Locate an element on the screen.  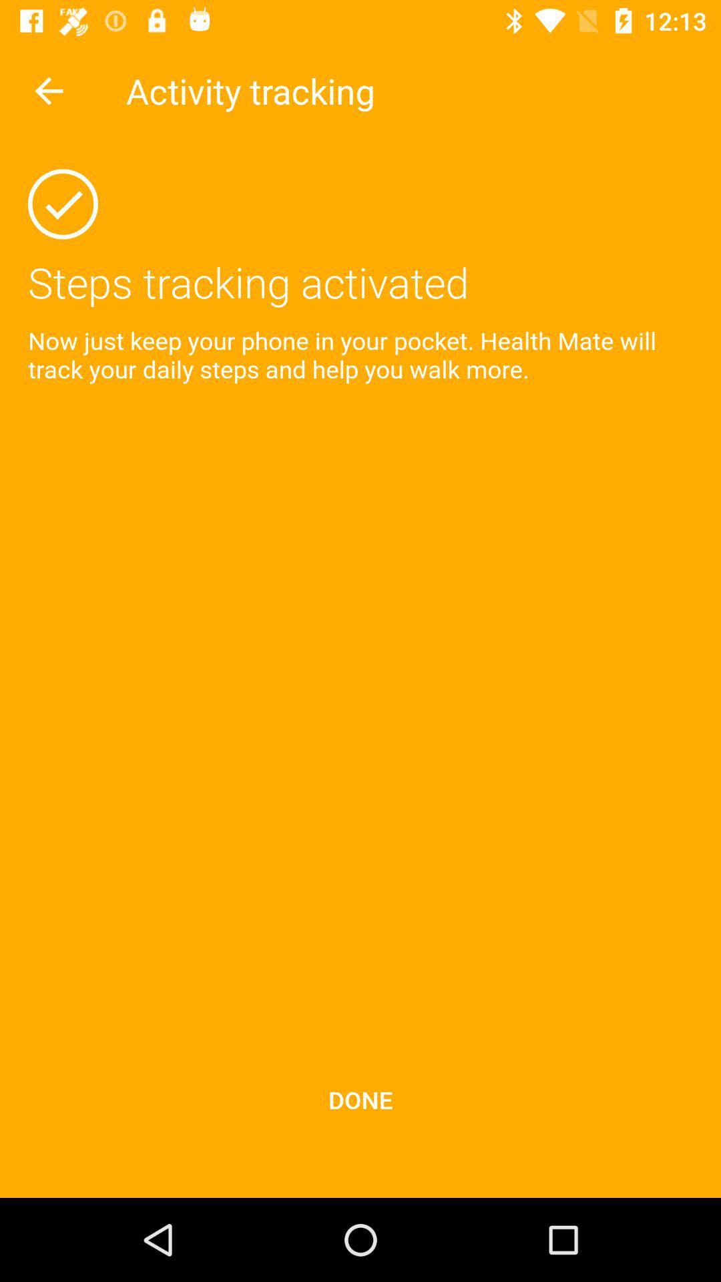
the done item is located at coordinates (360, 1099).